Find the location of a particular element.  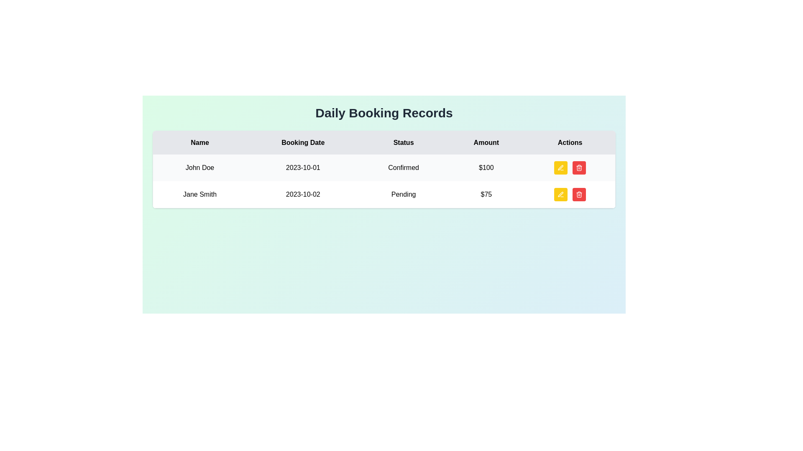

the 'Status' column header in the table, which is located in the third column of the header row between 'Booking Date' and 'Amount' is located at coordinates (404, 142).